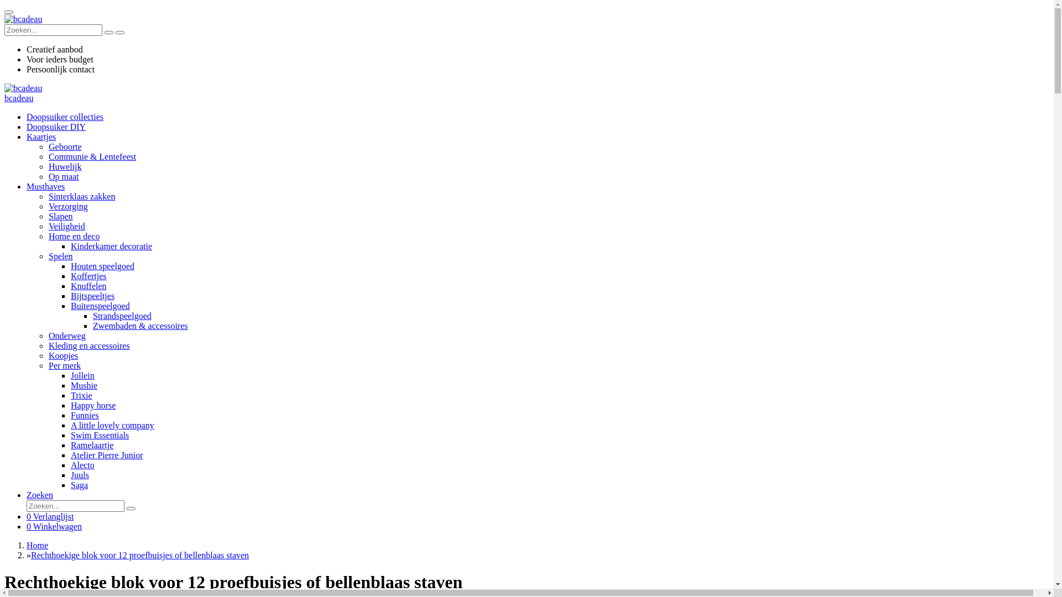 The image size is (1062, 597). Describe the element at coordinates (81, 196) in the screenshot. I see `'Sinterklaas zakken'` at that location.